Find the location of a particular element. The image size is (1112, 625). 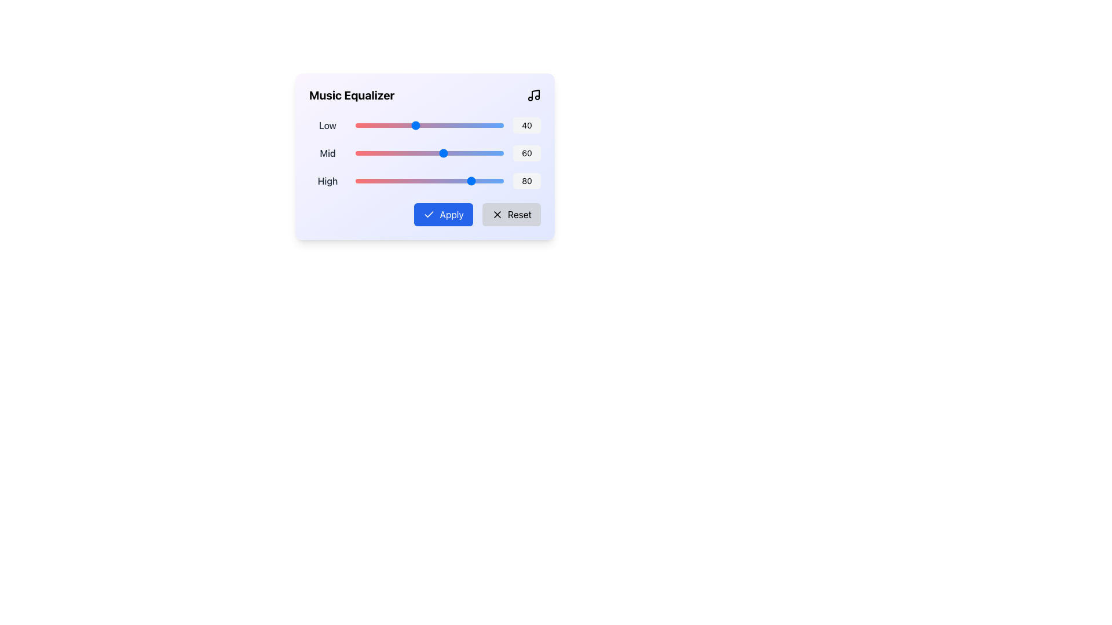

the mid-range slider is located at coordinates (403, 153).